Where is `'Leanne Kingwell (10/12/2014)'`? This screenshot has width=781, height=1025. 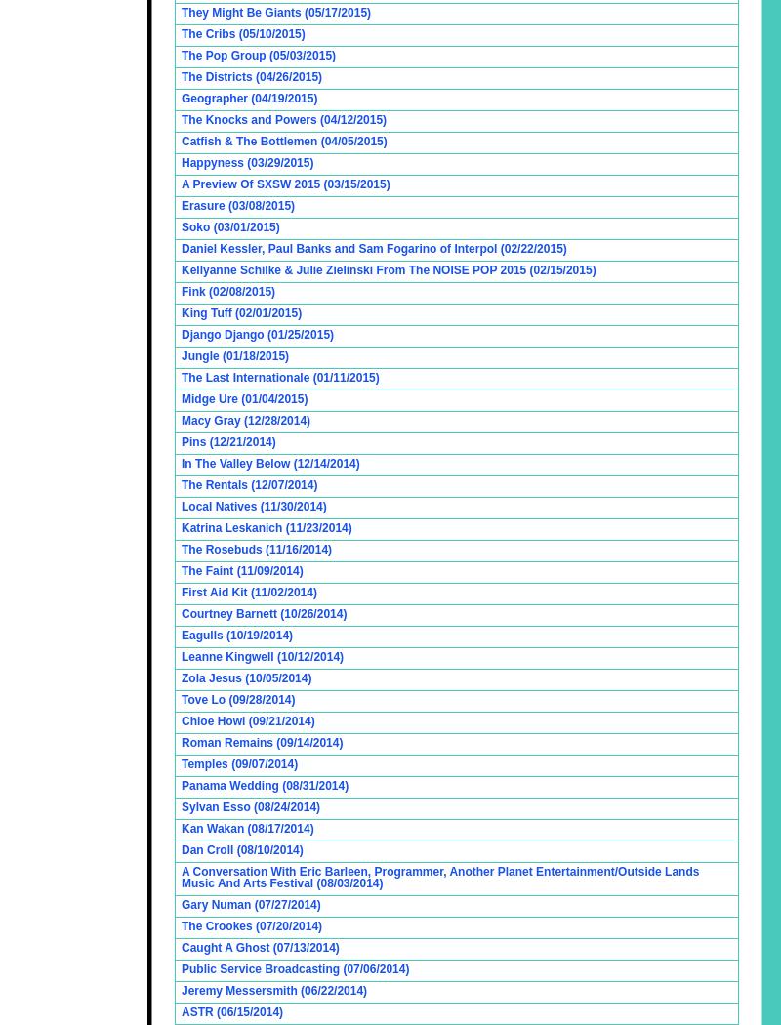 'Leanne Kingwell (10/12/2014)' is located at coordinates (262, 656).